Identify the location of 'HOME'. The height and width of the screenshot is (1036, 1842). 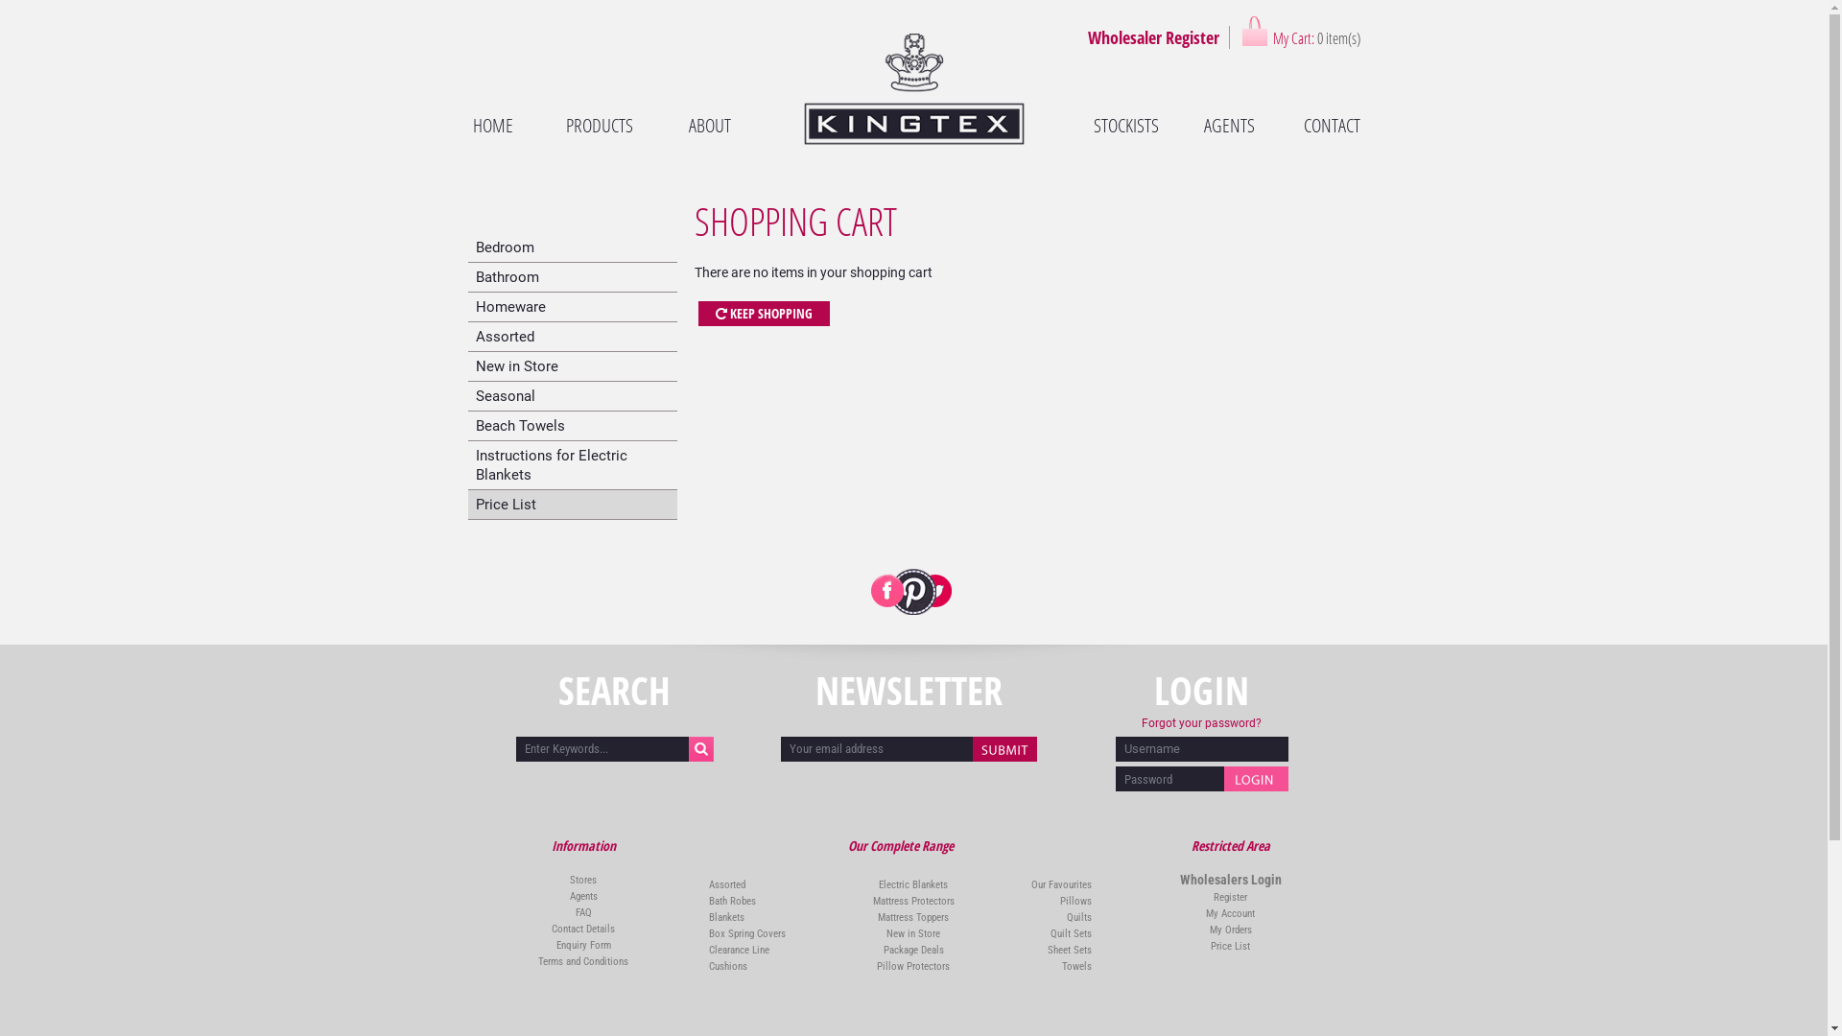
(468, 126).